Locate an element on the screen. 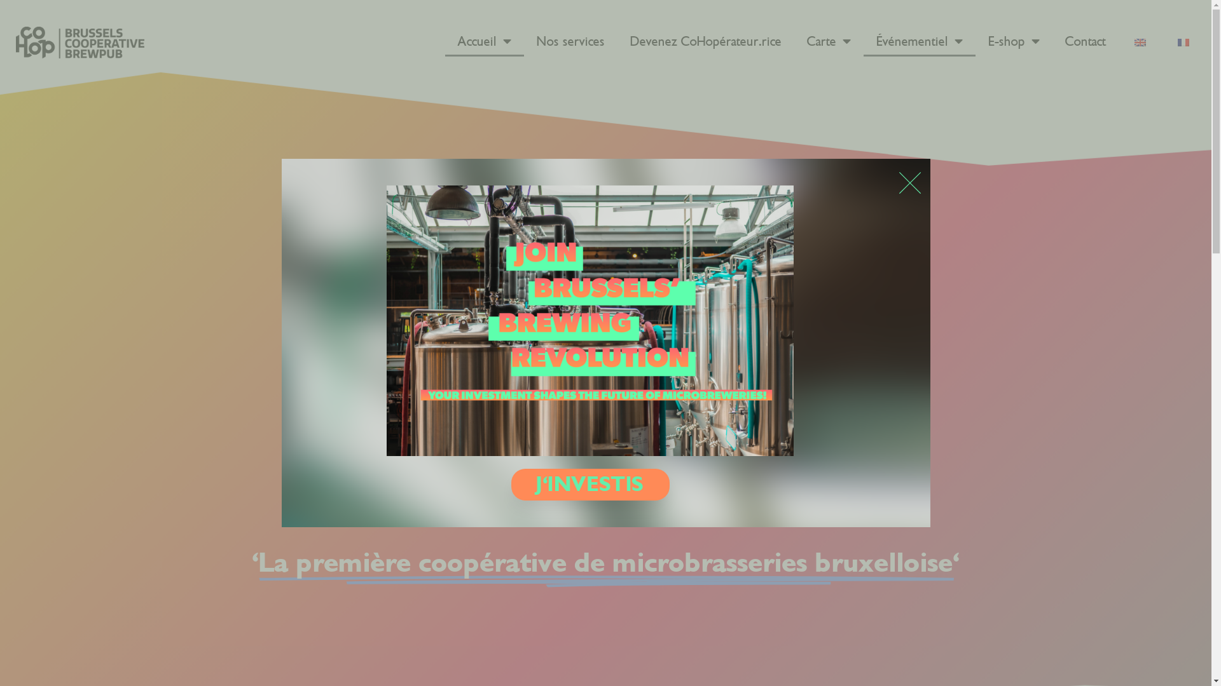  'CoHop Pied de page BLACK' is located at coordinates (79, 41).